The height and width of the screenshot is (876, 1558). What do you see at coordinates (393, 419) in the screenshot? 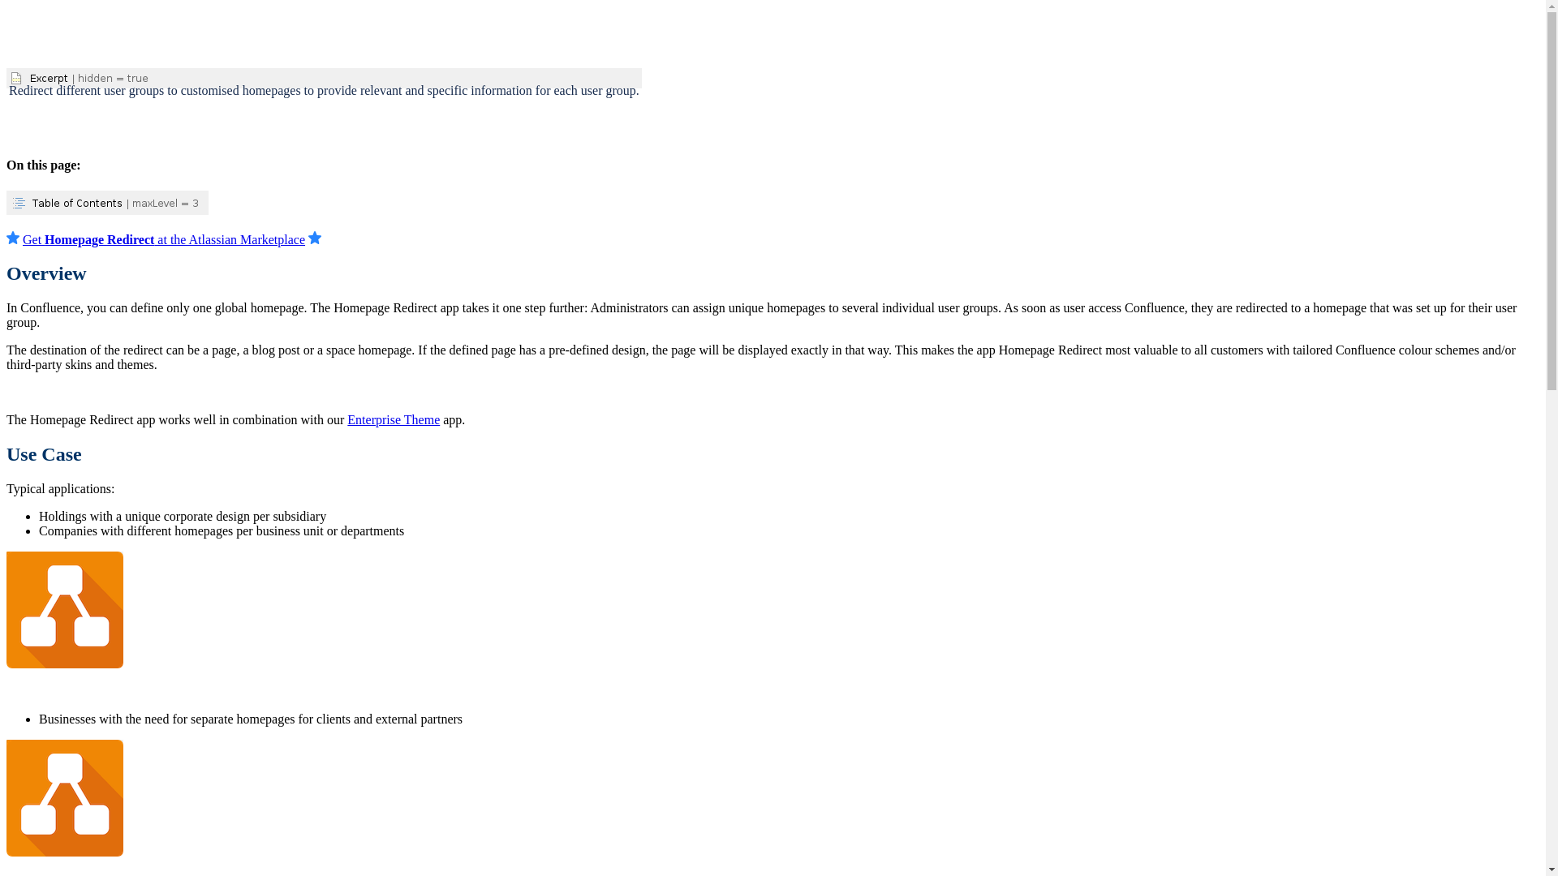
I see `'Enterprise Theme'` at bounding box center [393, 419].